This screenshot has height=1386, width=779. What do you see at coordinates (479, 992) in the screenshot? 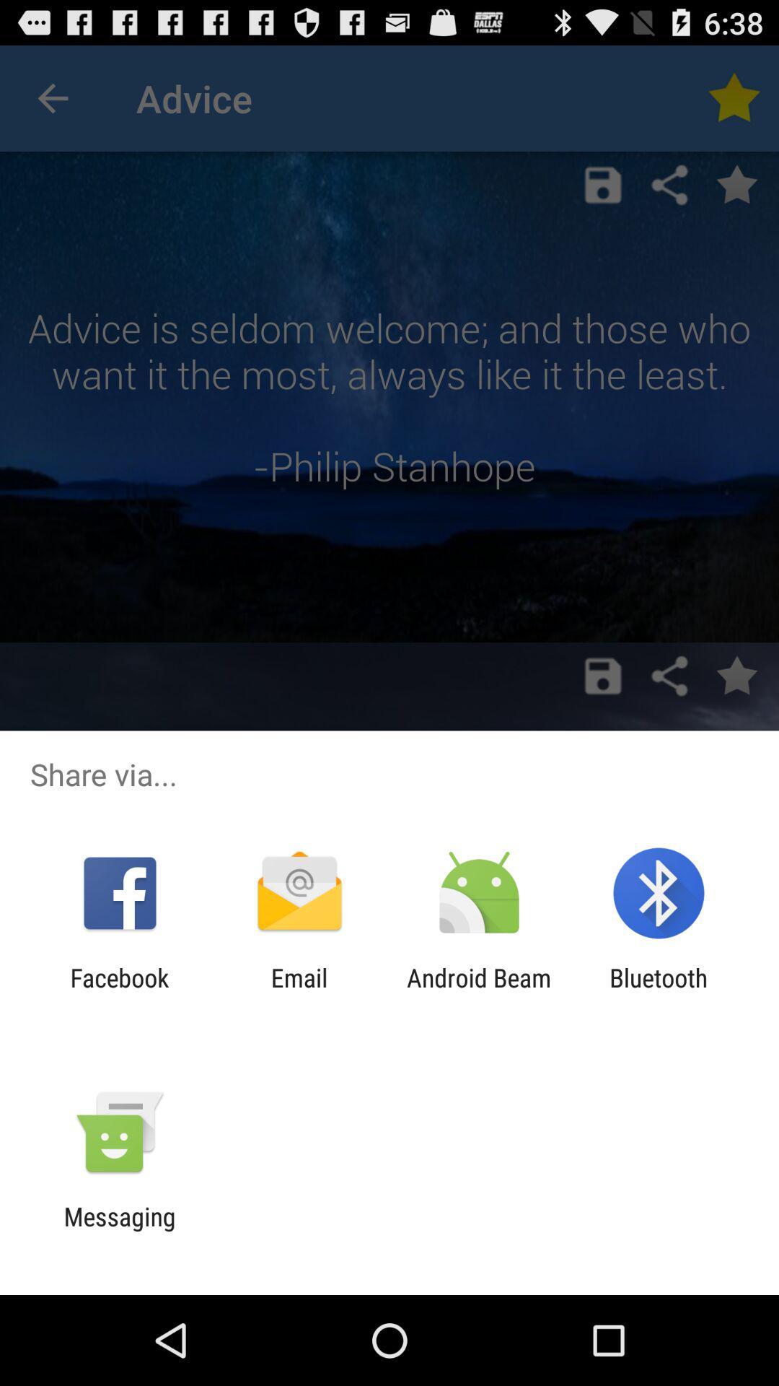
I see `the app next to the email icon` at bounding box center [479, 992].